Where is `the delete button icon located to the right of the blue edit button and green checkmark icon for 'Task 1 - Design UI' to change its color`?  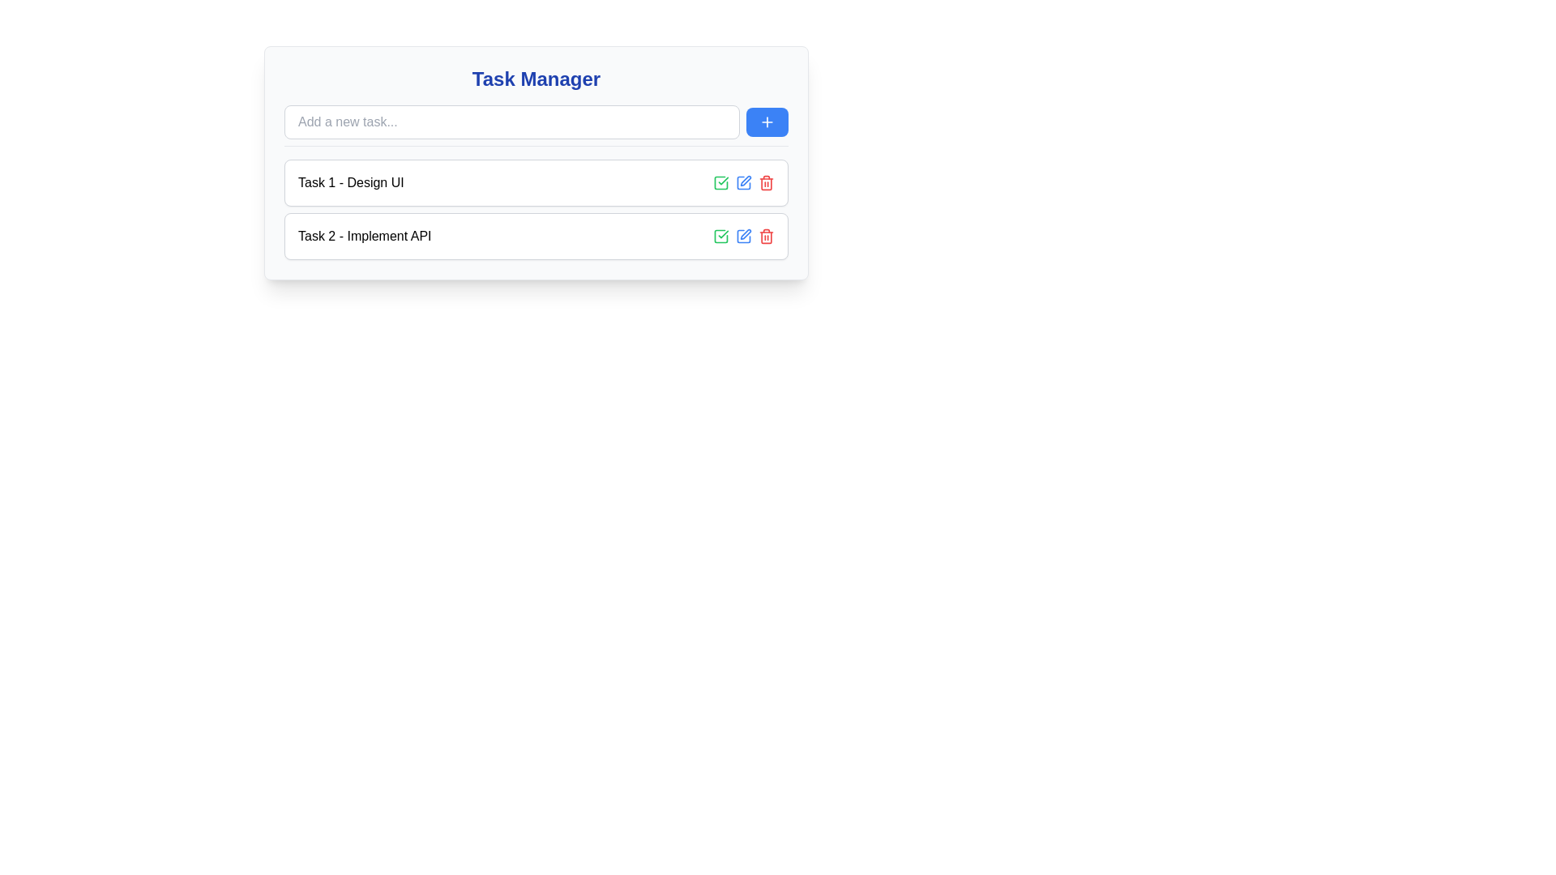 the delete button icon located to the right of the blue edit button and green checkmark icon for 'Task 1 - Design UI' to change its color is located at coordinates (765, 237).